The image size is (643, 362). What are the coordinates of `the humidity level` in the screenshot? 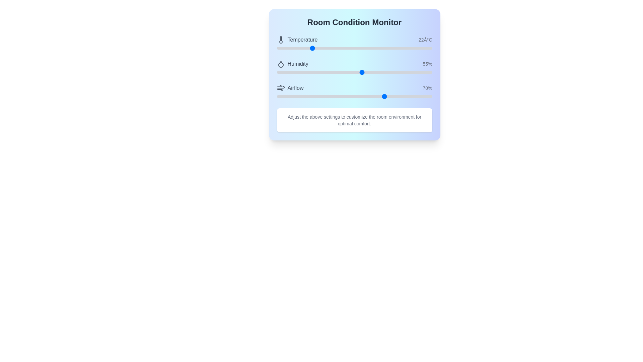 It's located at (373, 72).